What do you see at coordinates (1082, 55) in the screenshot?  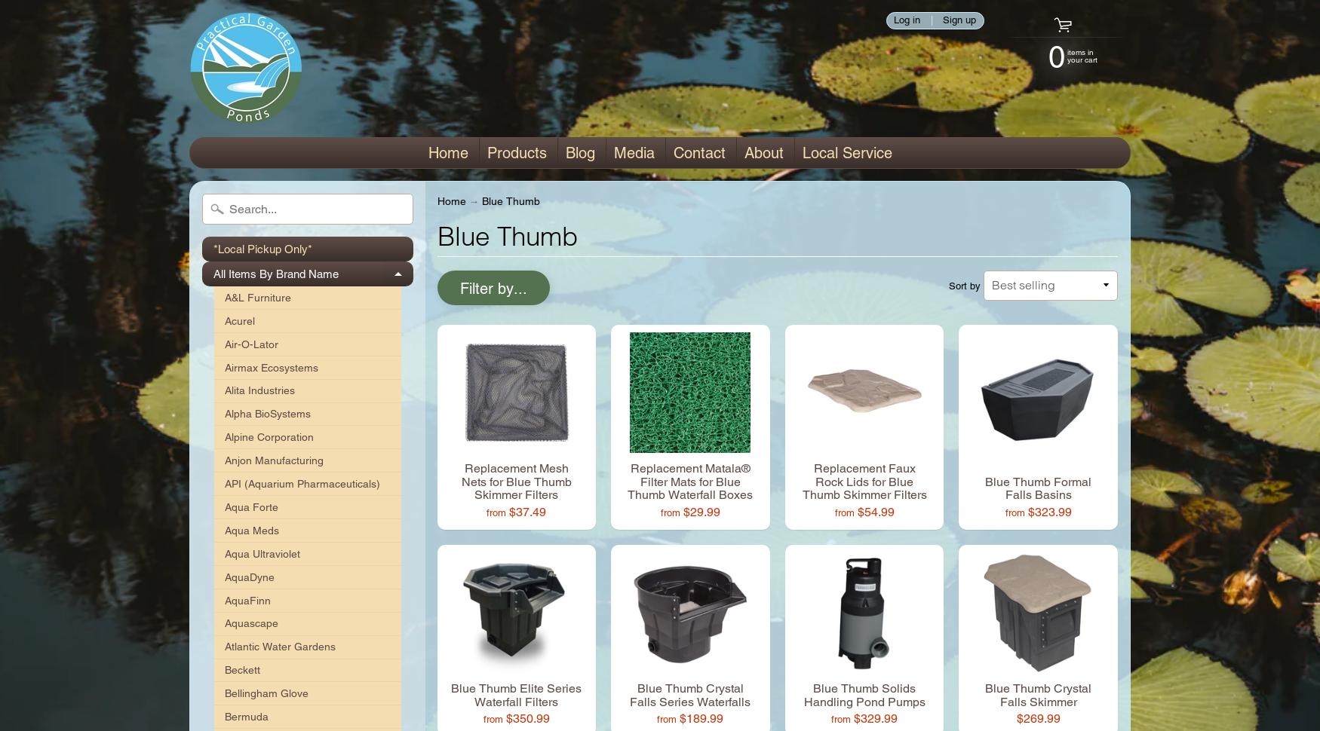 I see `'items in your cart'` at bounding box center [1082, 55].